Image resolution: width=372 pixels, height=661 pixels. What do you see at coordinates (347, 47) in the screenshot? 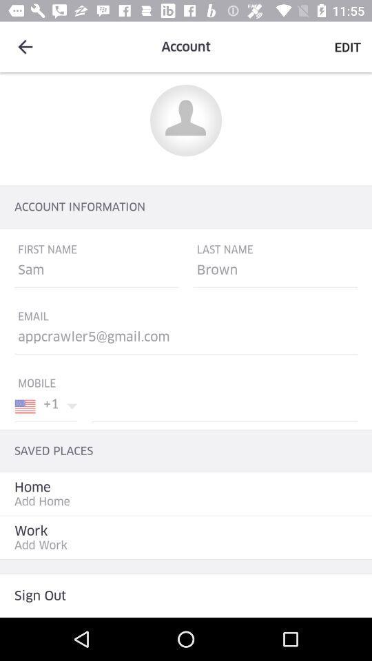
I see `edit option` at bounding box center [347, 47].